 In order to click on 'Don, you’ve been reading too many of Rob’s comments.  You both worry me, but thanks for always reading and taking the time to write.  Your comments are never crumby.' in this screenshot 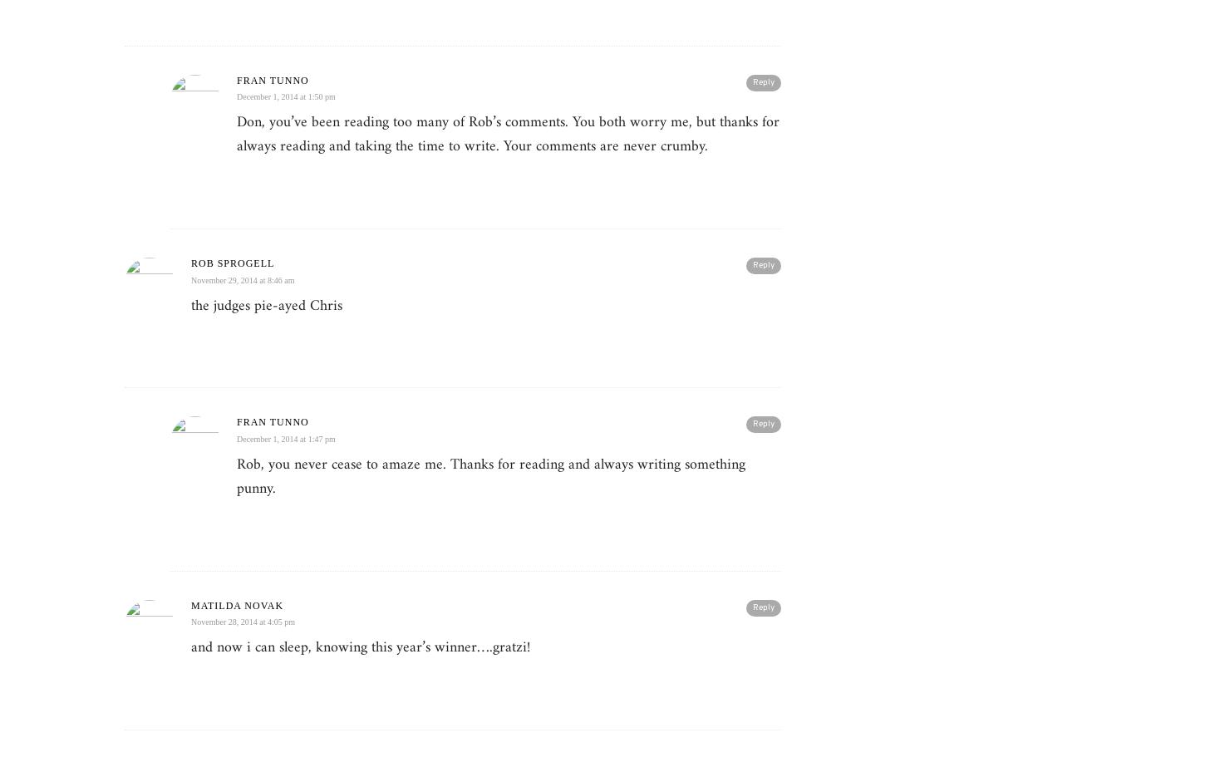, I will do `click(507, 134)`.